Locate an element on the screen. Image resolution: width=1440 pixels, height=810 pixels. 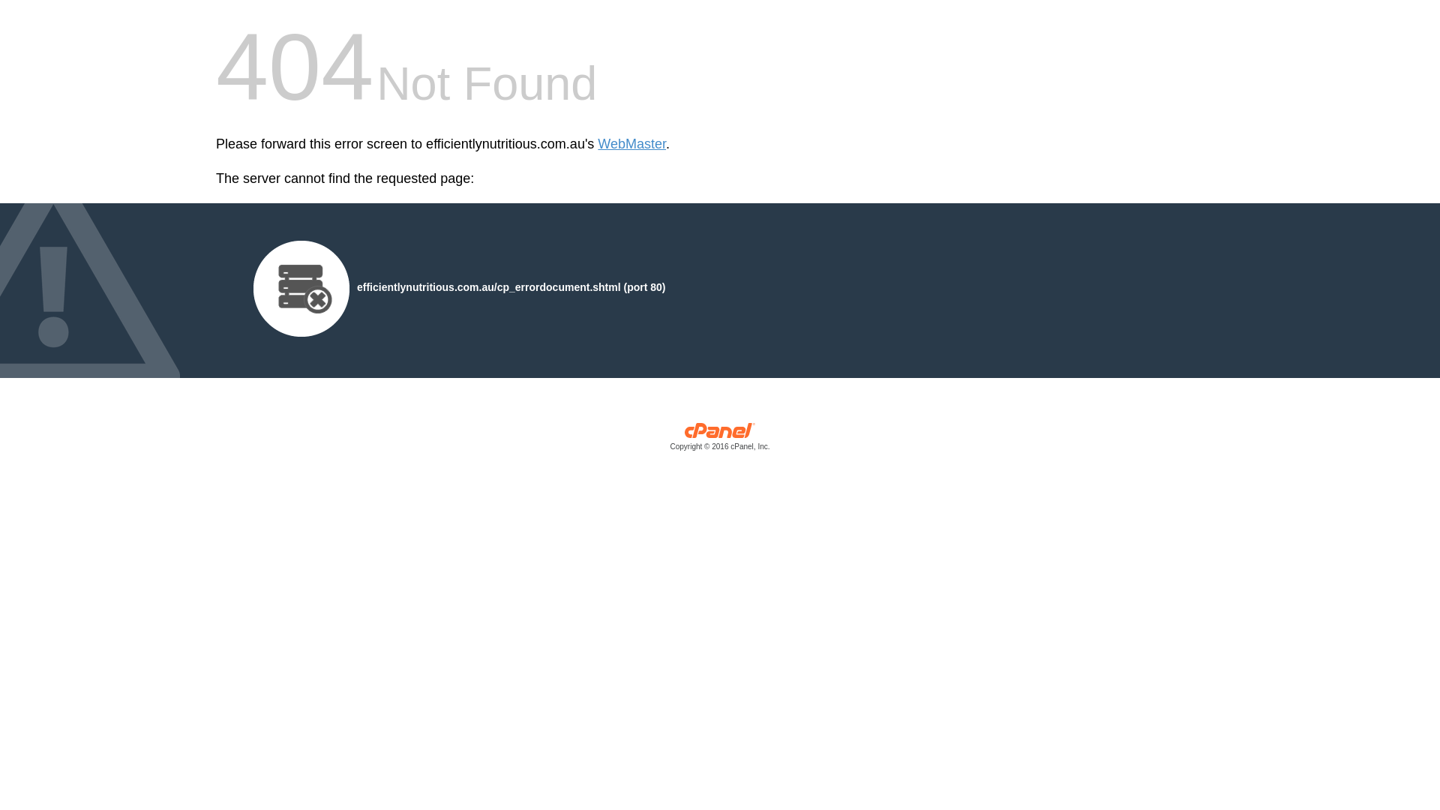
'WebMaster' is located at coordinates (631, 144).